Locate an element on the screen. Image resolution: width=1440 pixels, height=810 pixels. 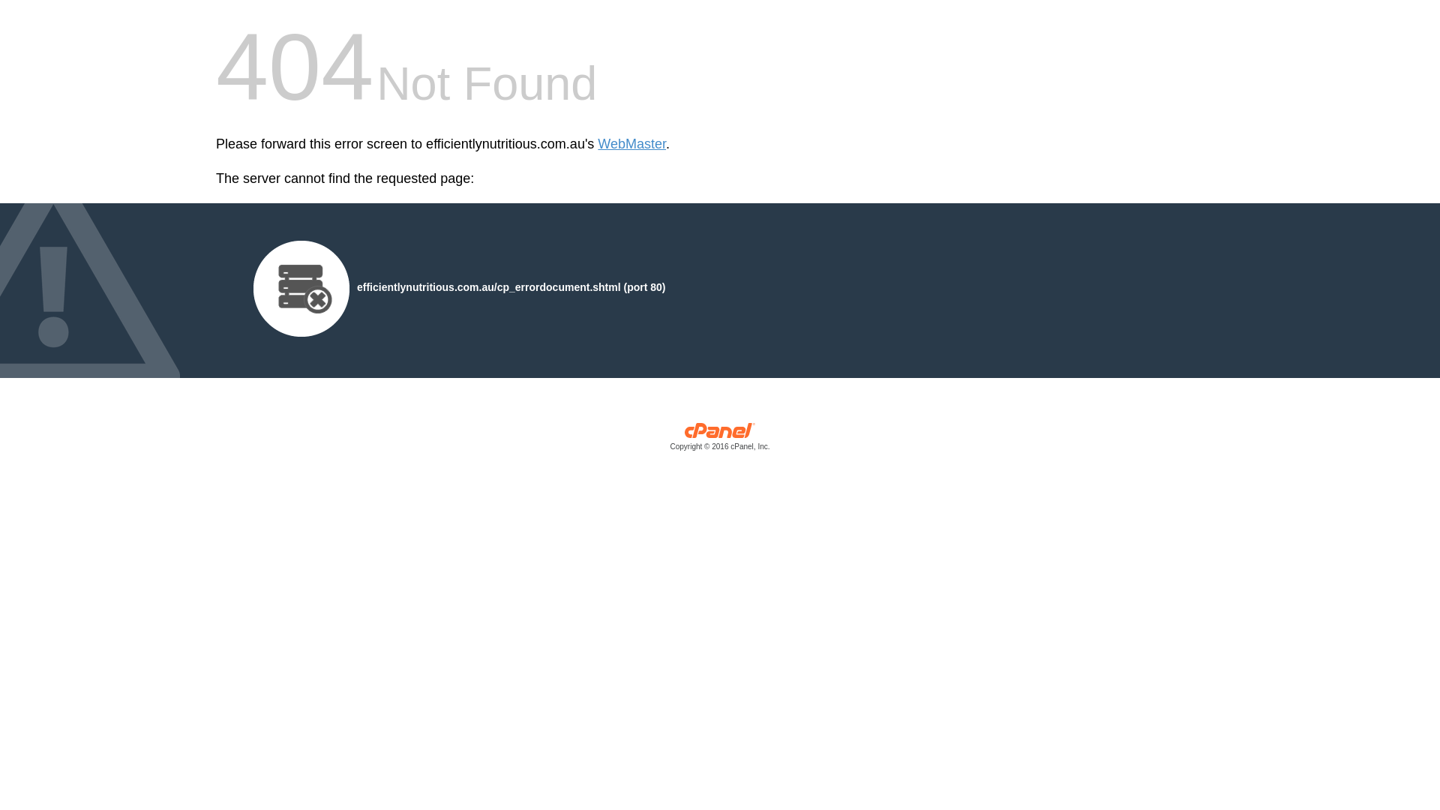
'WebMaster' is located at coordinates (631, 144).